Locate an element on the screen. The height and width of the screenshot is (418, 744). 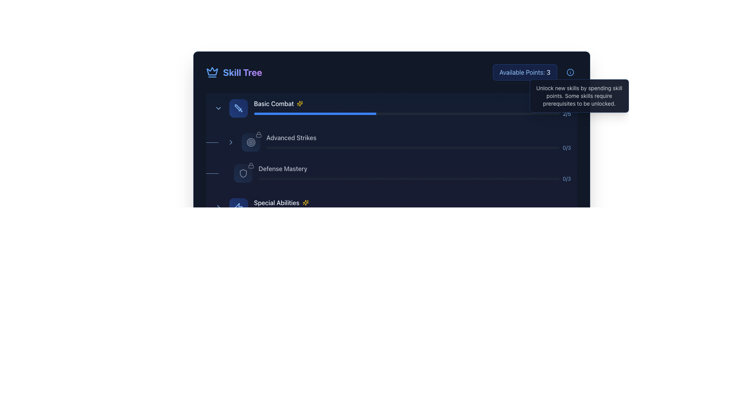
the 'Skill Tree' label, which is a prominently displayed text with a gradient color scheme transitioning from blue to purple, located at the top of the interface, next to a crown icon is located at coordinates (242, 72).